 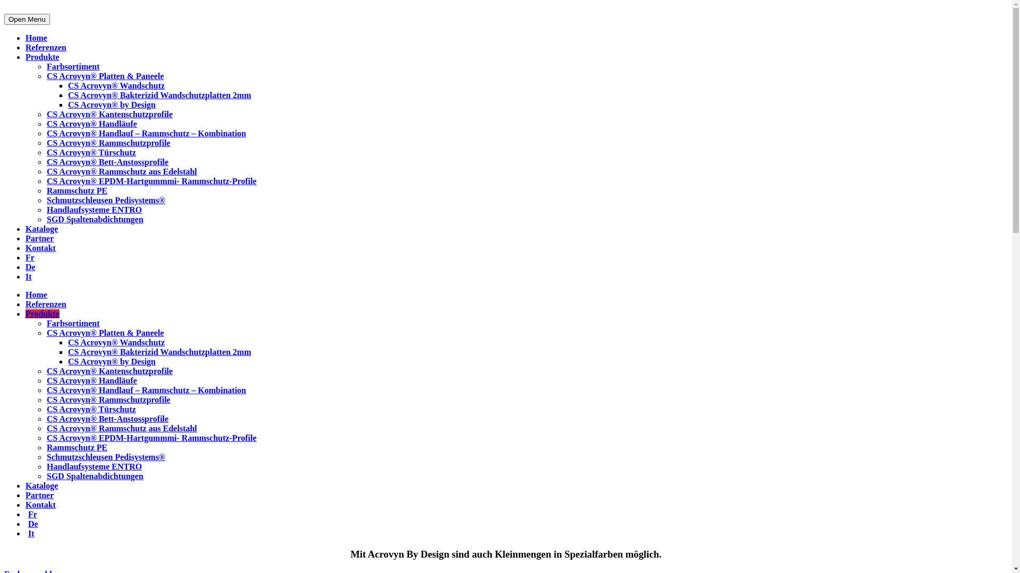 What do you see at coordinates (40, 504) in the screenshot?
I see `'Kontakt'` at bounding box center [40, 504].